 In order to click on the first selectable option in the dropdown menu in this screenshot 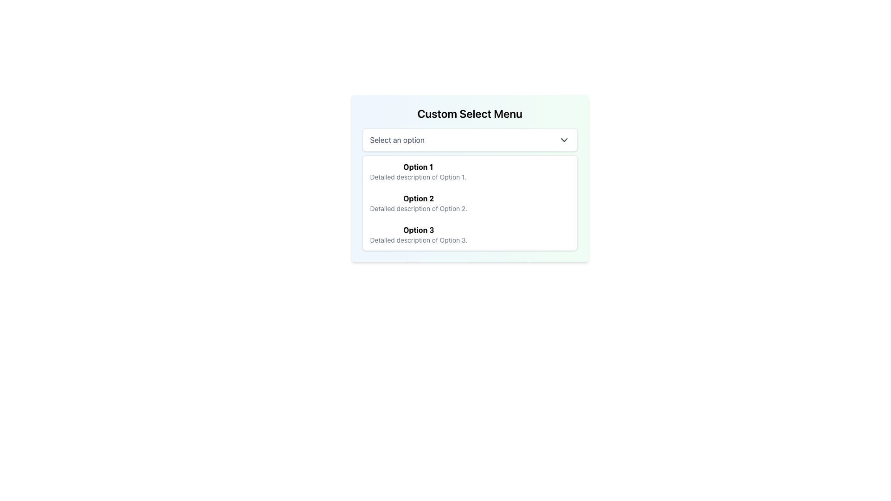, I will do `click(418, 172)`.